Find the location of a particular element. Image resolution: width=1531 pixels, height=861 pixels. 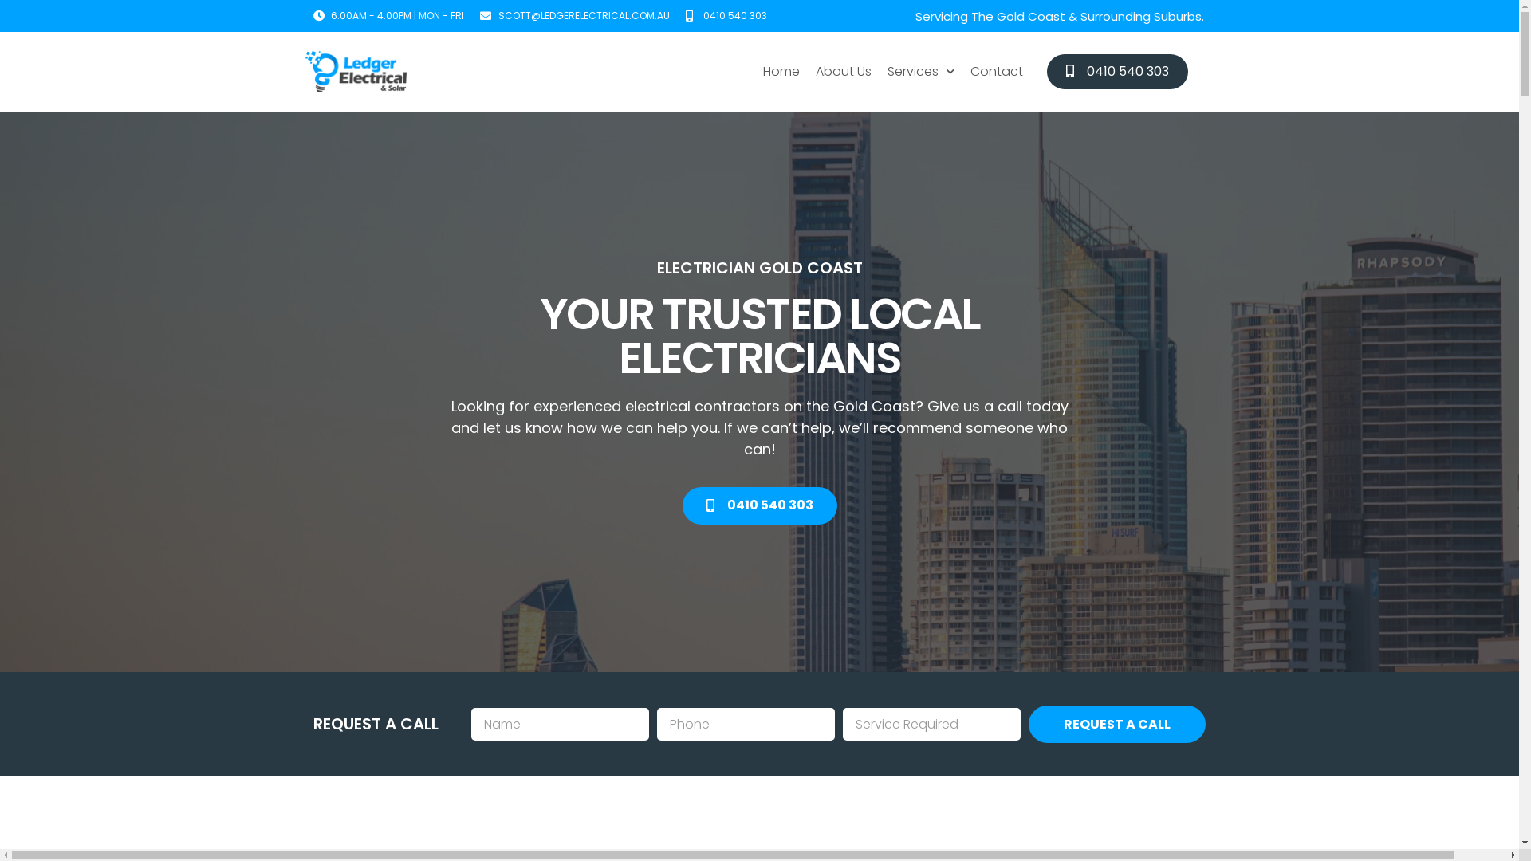

'Home' is located at coordinates (781, 70).